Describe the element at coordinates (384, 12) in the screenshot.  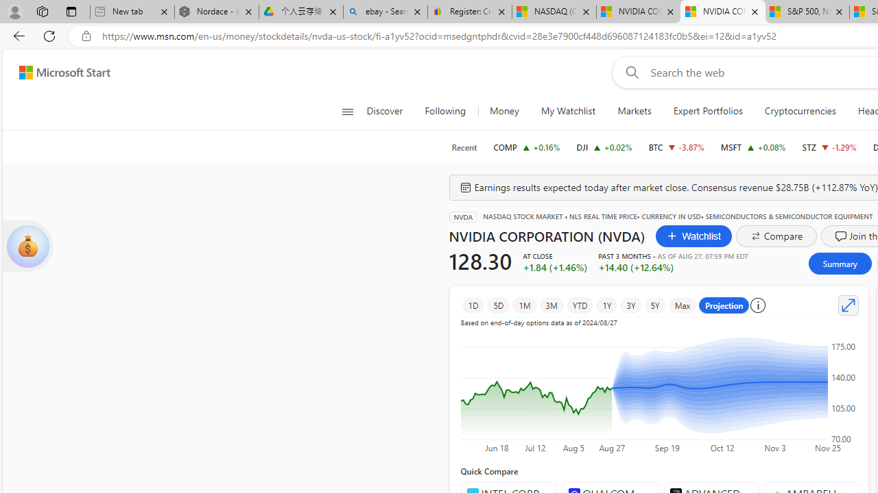
I see `'ebay - Search'` at that location.